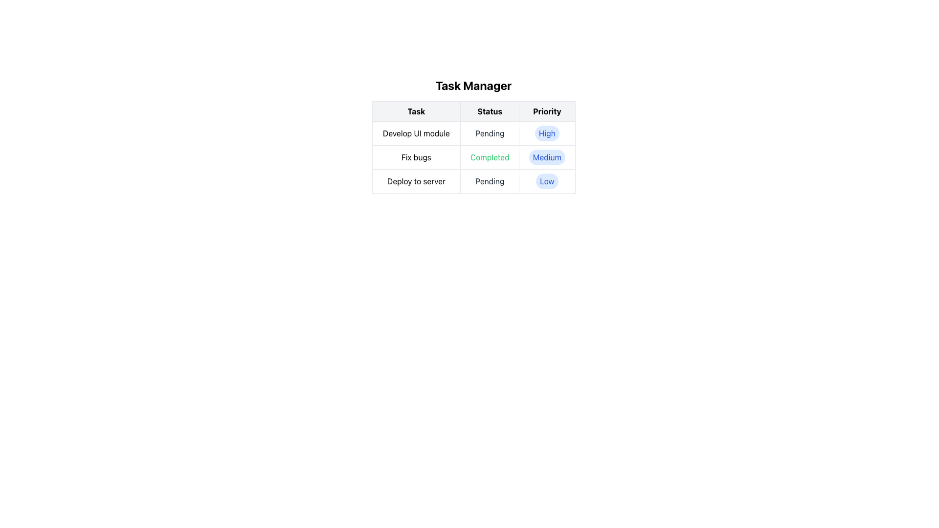 This screenshot has width=939, height=528. Describe the element at coordinates (490, 133) in the screenshot. I see `the status indicator text label for the task 'Develop UI module' in the 'Task Manager' table, located in the second row and second column` at that location.